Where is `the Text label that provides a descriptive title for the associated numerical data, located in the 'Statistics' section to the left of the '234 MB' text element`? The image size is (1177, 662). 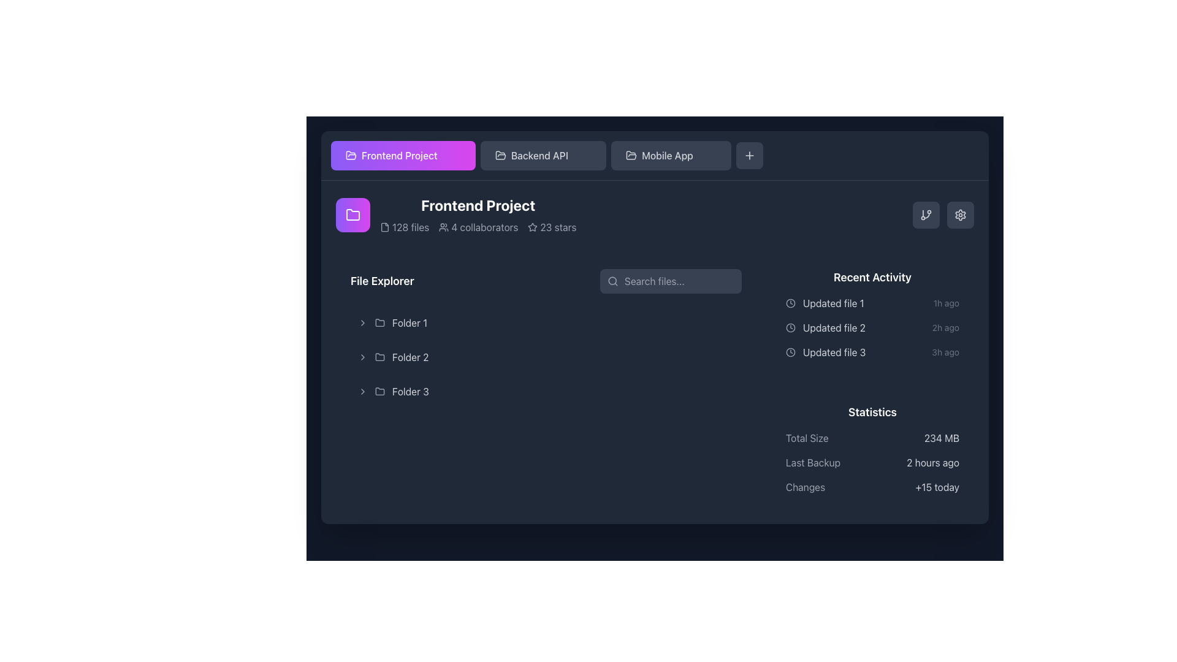
the Text label that provides a descriptive title for the associated numerical data, located in the 'Statistics' section to the left of the '234 MB' text element is located at coordinates (807, 437).